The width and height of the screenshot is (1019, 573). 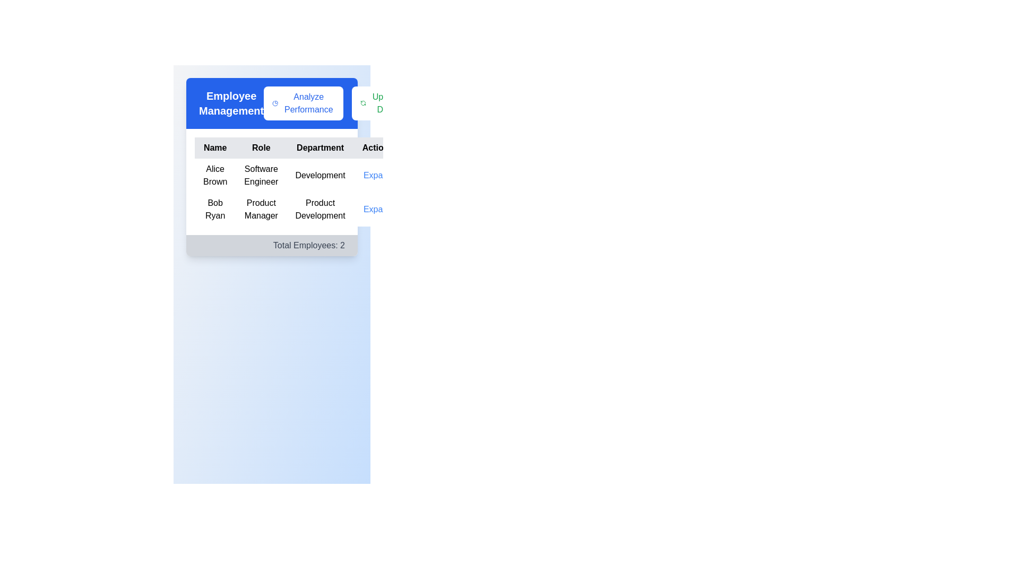 What do you see at coordinates (377, 209) in the screenshot?
I see `the interactive text link labeled 'Expand' associated with 'Bob Ryan' in the Action column of the table` at bounding box center [377, 209].